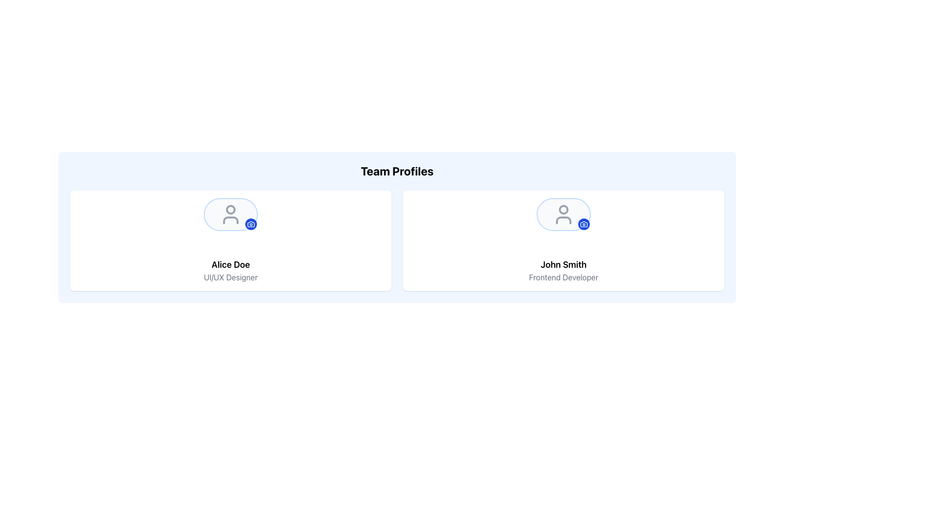 The height and width of the screenshot is (522, 929). What do you see at coordinates (230, 214) in the screenshot?
I see `the user profile picture icon located at the center of the profile card above the name 'Alice Doe' in the 'Team Profiles' section` at bounding box center [230, 214].